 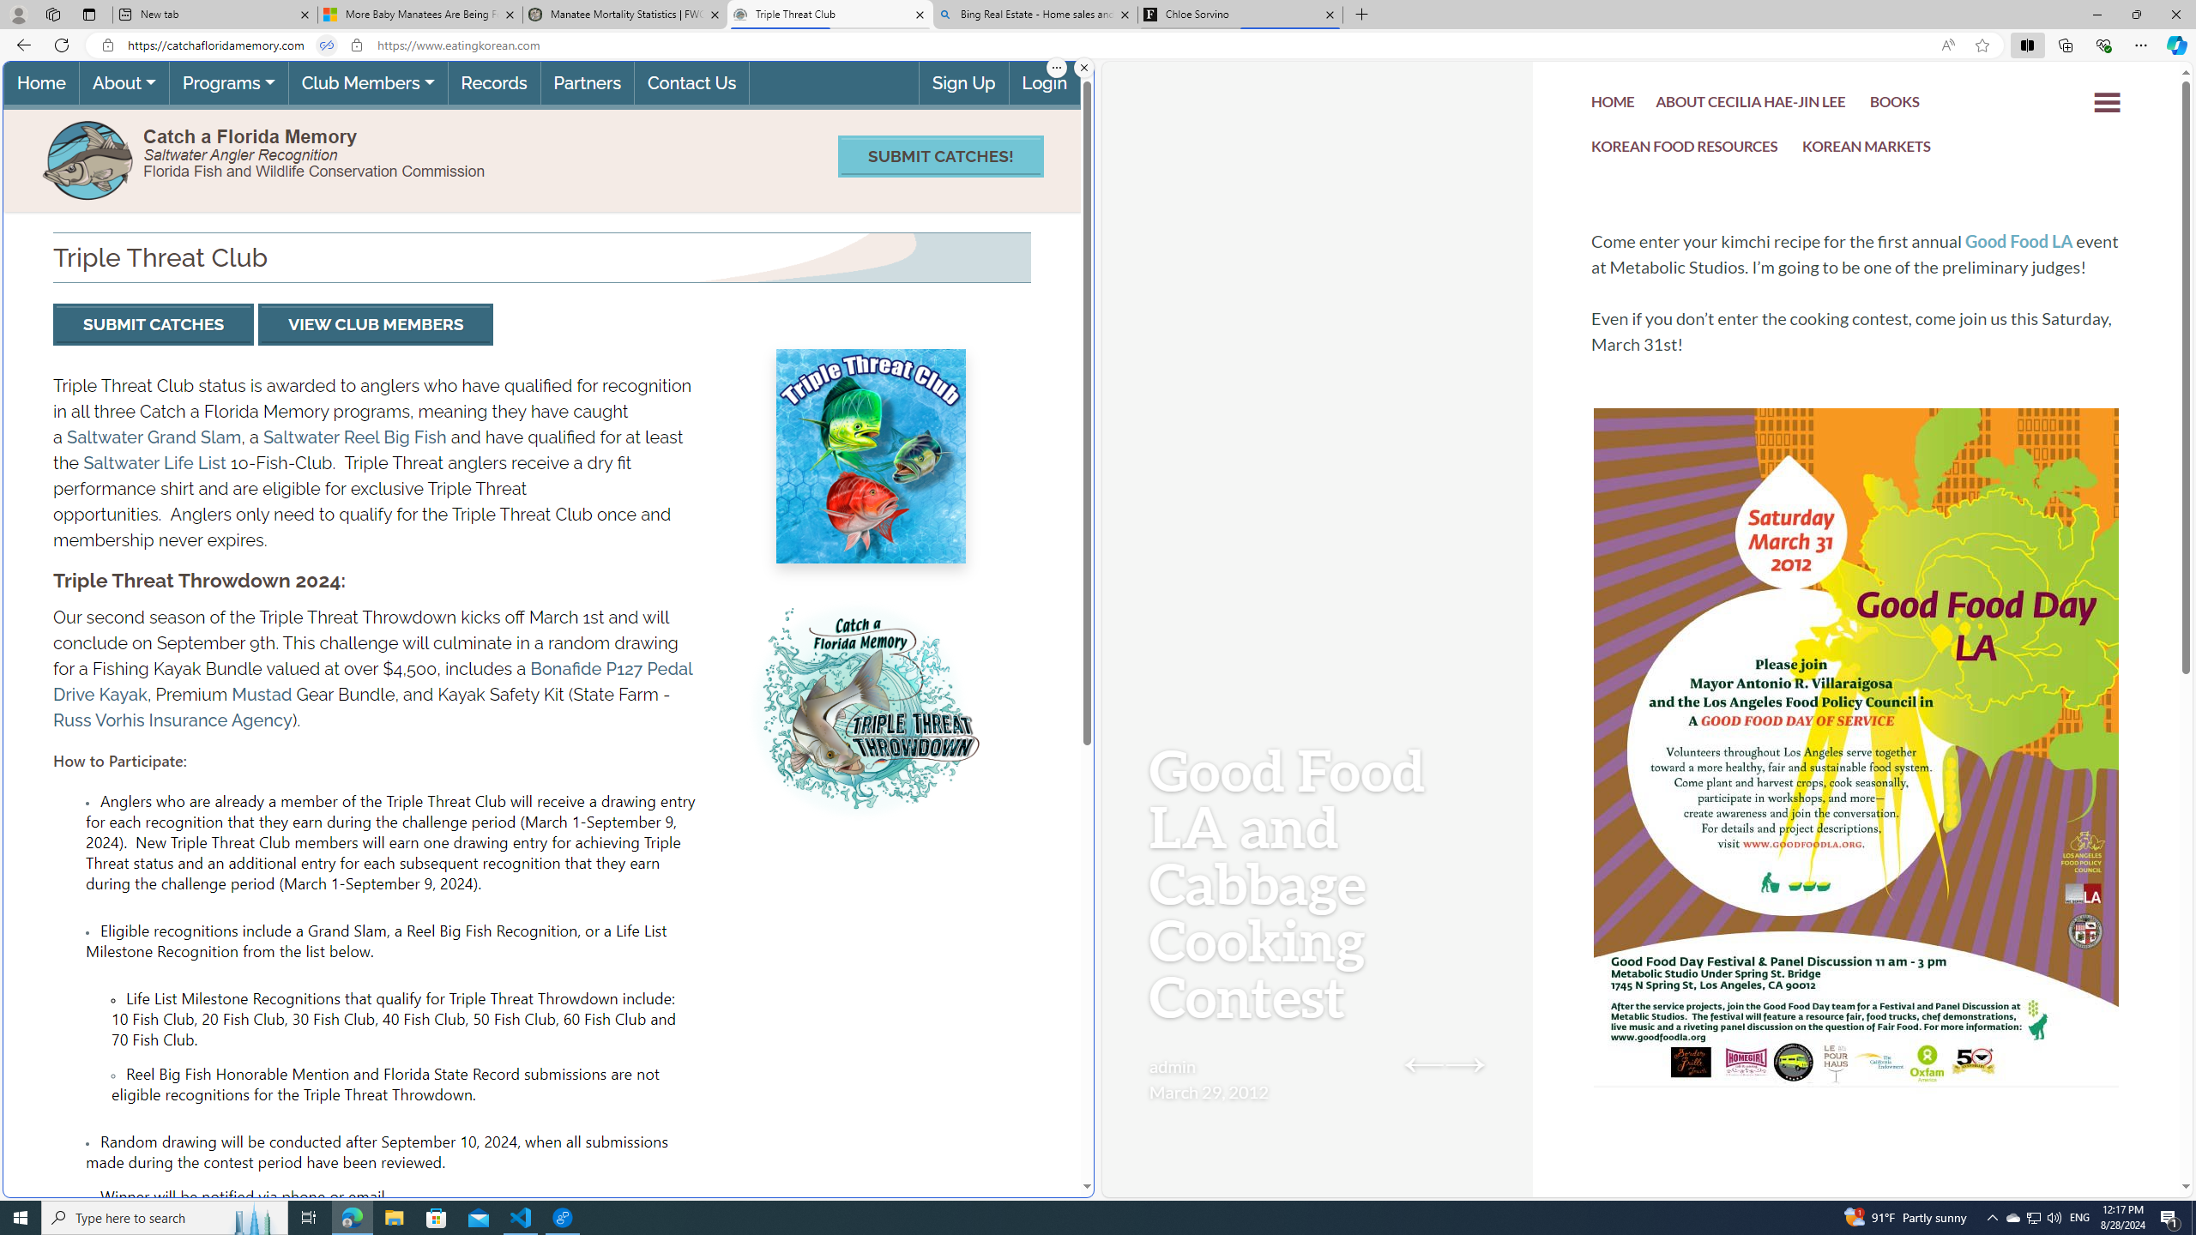 What do you see at coordinates (123, 82) in the screenshot?
I see `'About'` at bounding box center [123, 82].